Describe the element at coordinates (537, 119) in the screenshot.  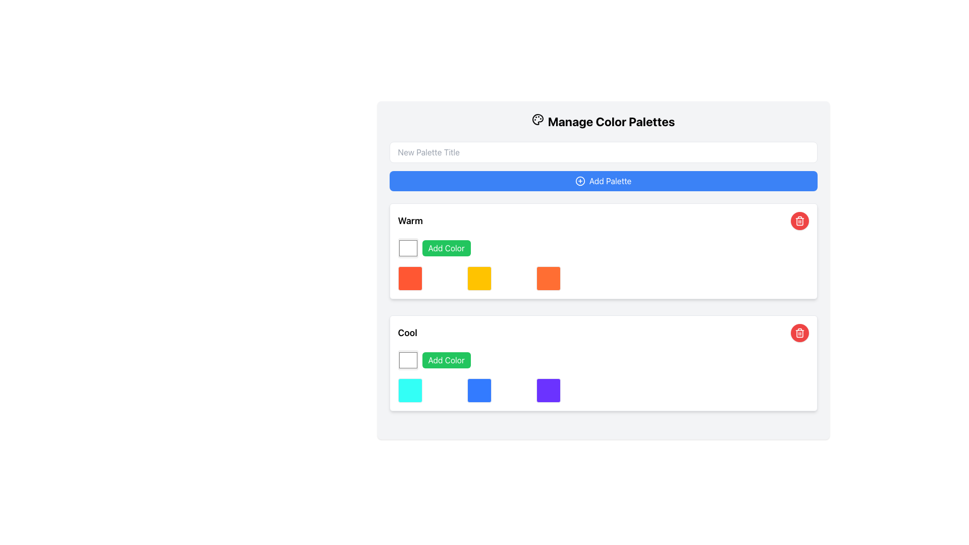
I see `the color palette icon located to the left of the 'Manage Color Palettes' text in the header section` at that location.